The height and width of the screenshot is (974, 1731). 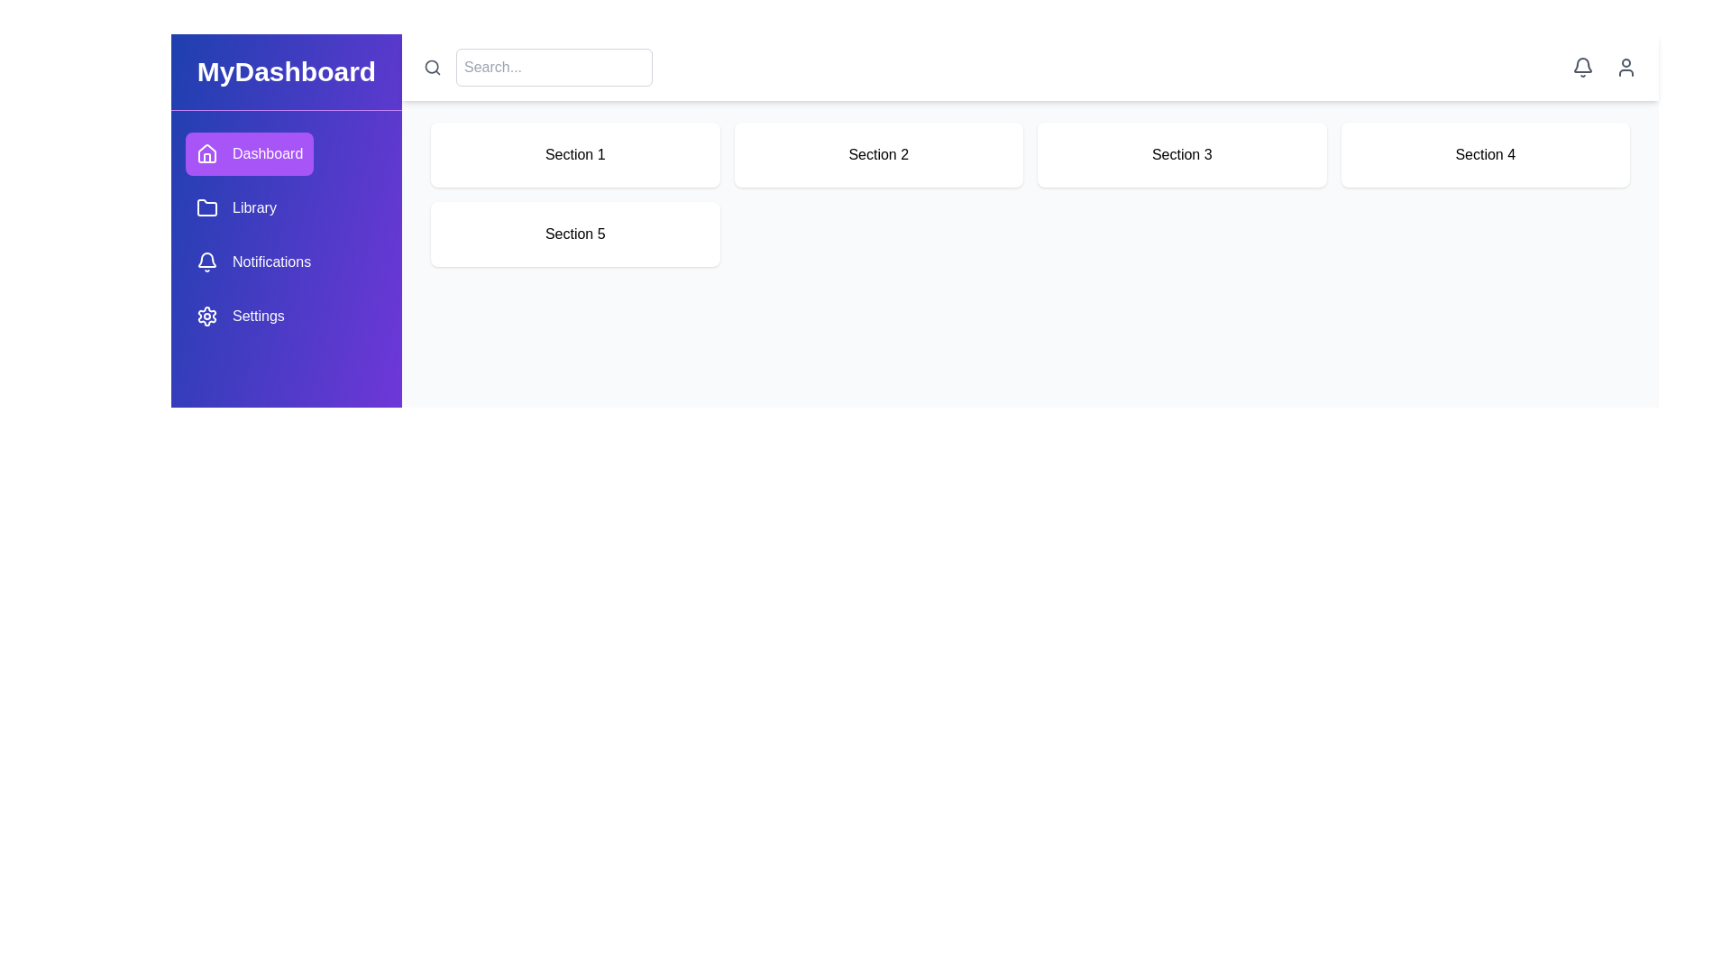 What do you see at coordinates (207, 316) in the screenshot?
I see `the cogwheel icon in the sidebar` at bounding box center [207, 316].